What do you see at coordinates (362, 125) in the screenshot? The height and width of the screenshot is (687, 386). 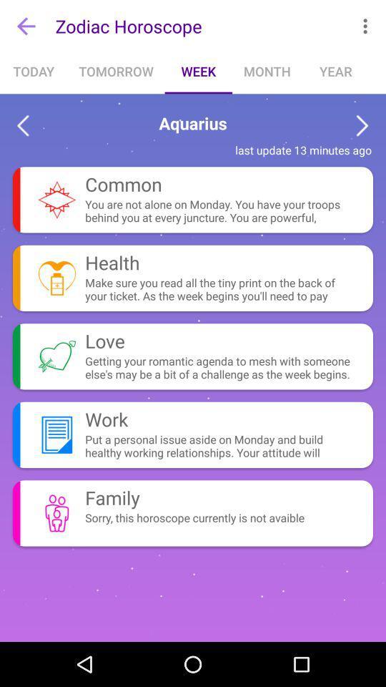 I see `next` at bounding box center [362, 125].